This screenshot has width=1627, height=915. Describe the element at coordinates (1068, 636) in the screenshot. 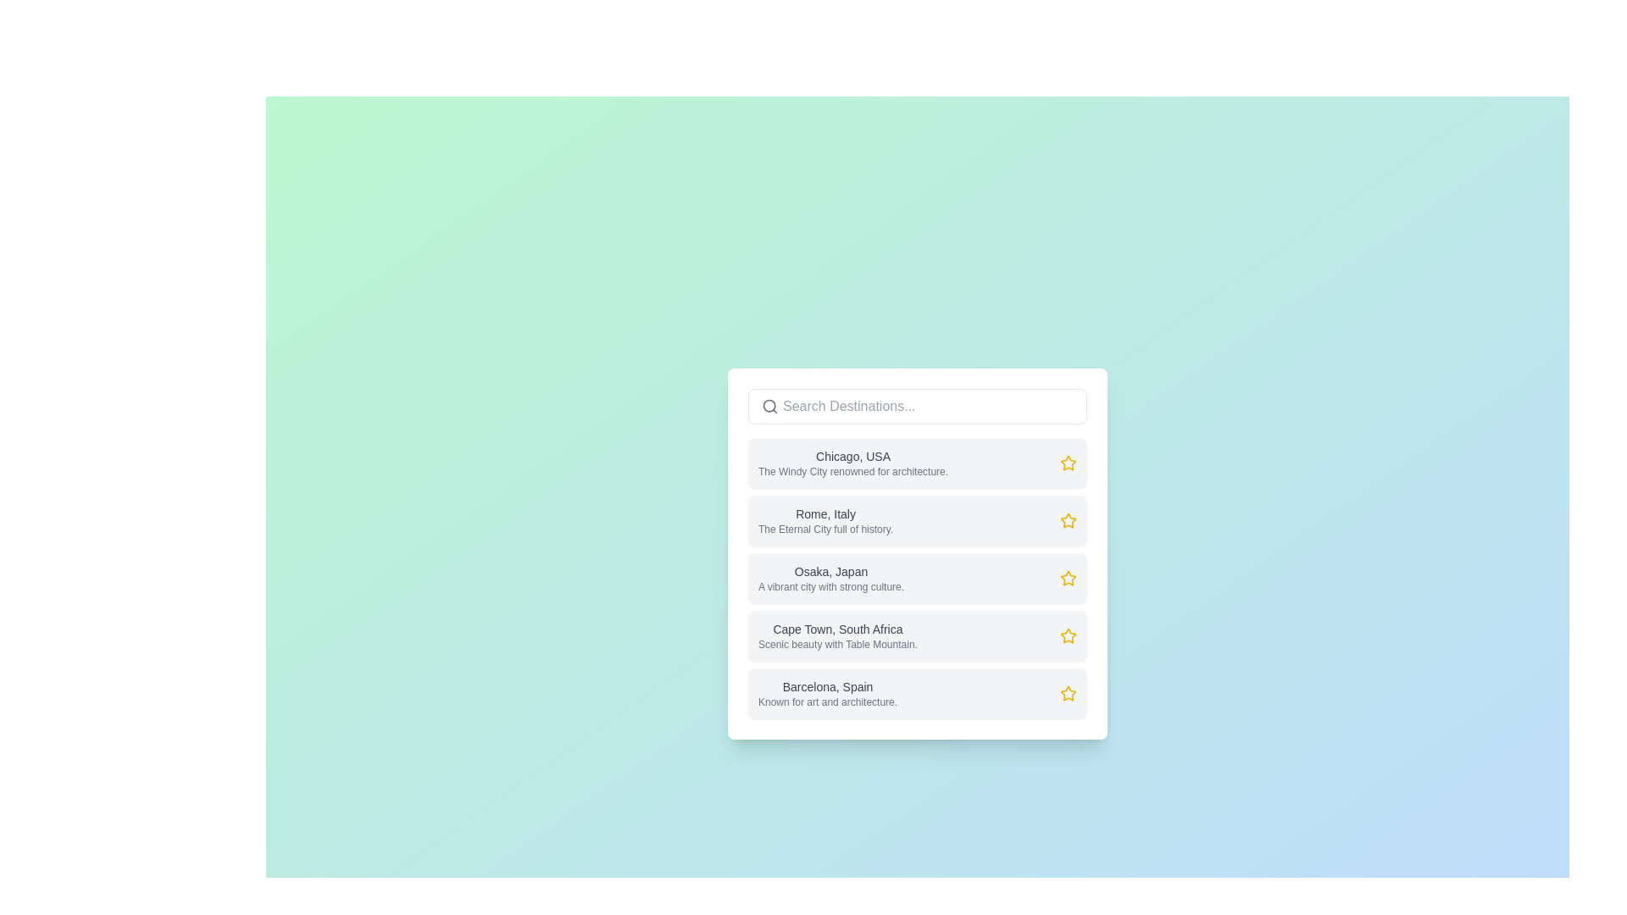

I see `the yellow outlined star icon button located at the far right of the fourth row labeled 'Cape Town, South Africa - Scenic beauty with Table Mountain.'` at that location.